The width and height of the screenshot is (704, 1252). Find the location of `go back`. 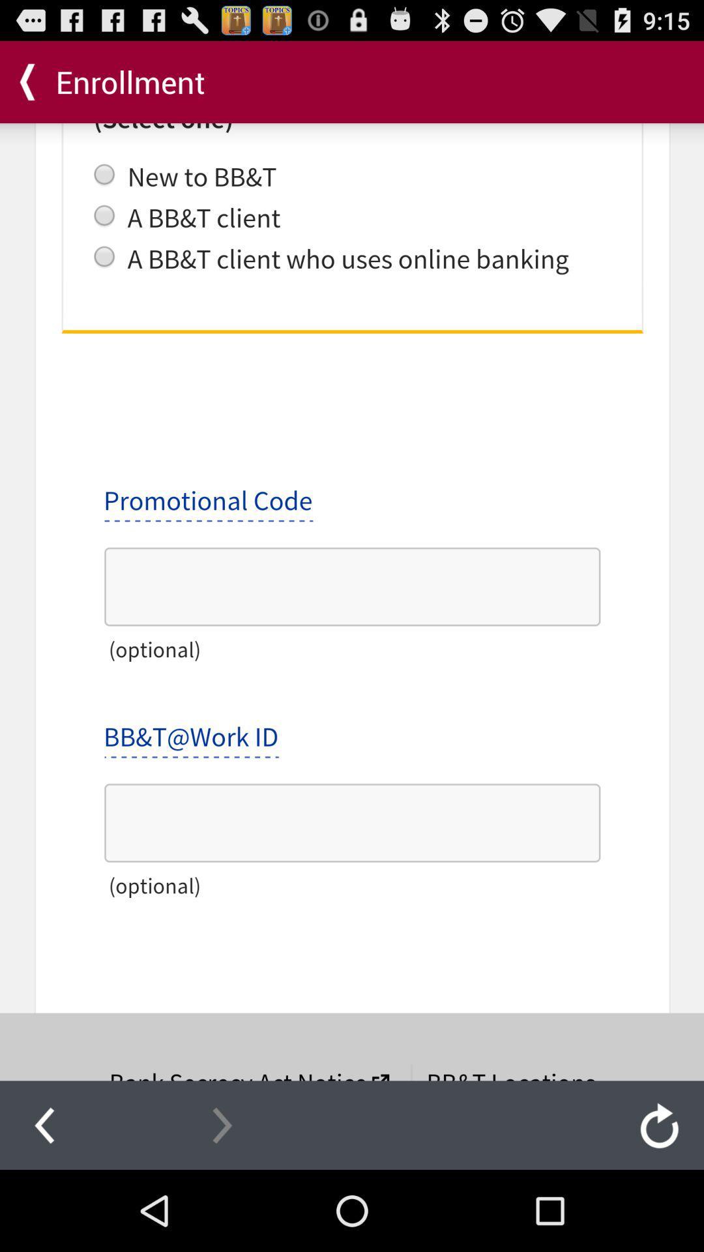

go back is located at coordinates (44, 1124).